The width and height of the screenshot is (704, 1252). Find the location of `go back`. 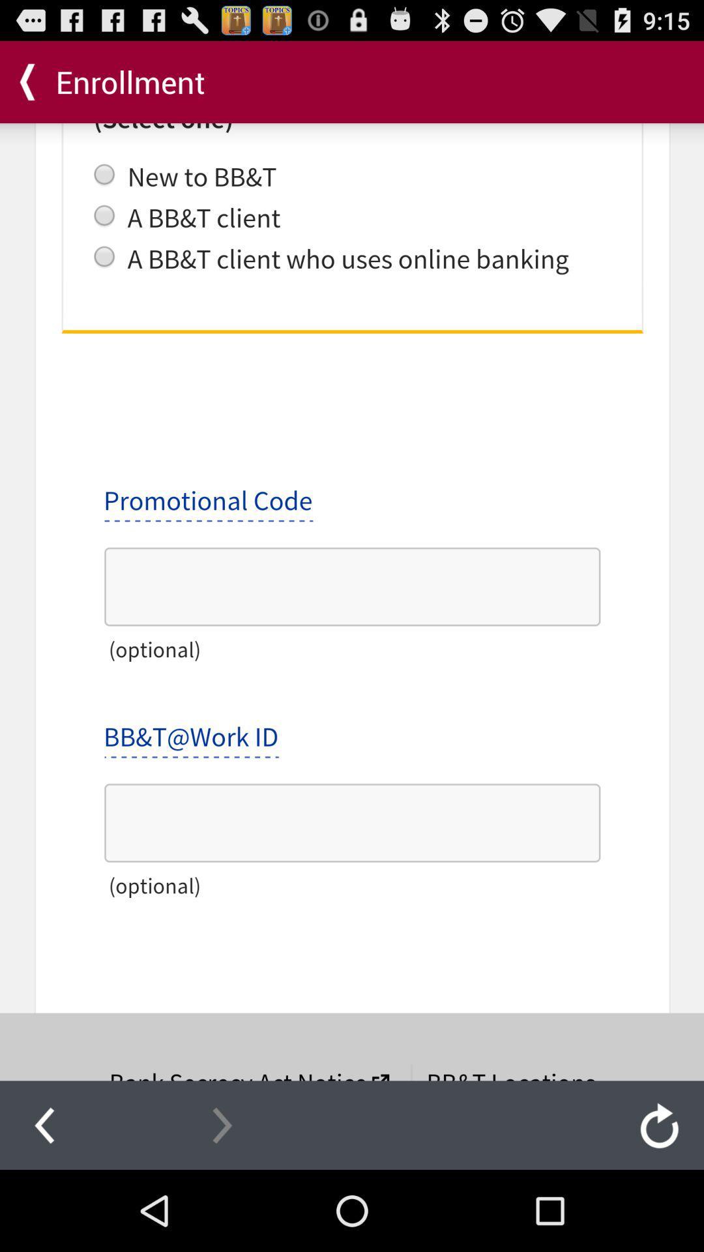

go back is located at coordinates (44, 1124).